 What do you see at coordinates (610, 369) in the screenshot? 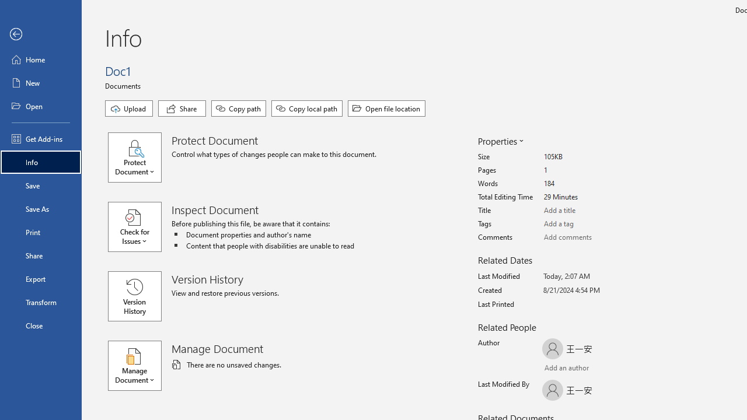
I see `'Browse Address Book'` at bounding box center [610, 369].